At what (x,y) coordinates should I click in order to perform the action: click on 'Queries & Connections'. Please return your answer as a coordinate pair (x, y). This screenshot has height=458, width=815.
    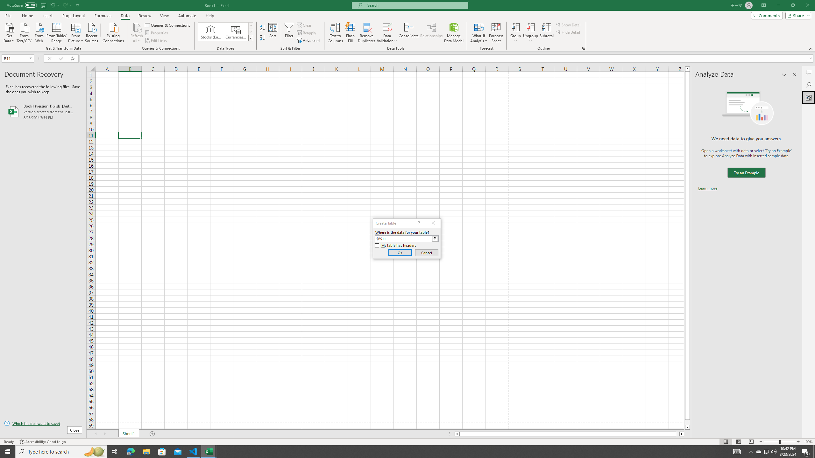
    Looking at the image, I should click on (168, 25).